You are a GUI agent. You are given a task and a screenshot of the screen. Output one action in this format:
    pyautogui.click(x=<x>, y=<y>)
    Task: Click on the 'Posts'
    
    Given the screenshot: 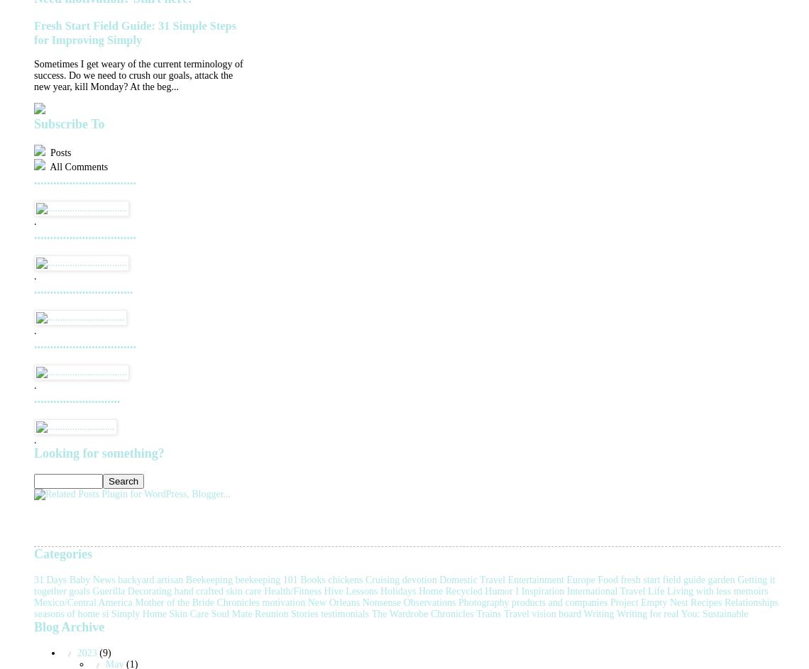 What is the action you would take?
    pyautogui.click(x=58, y=152)
    